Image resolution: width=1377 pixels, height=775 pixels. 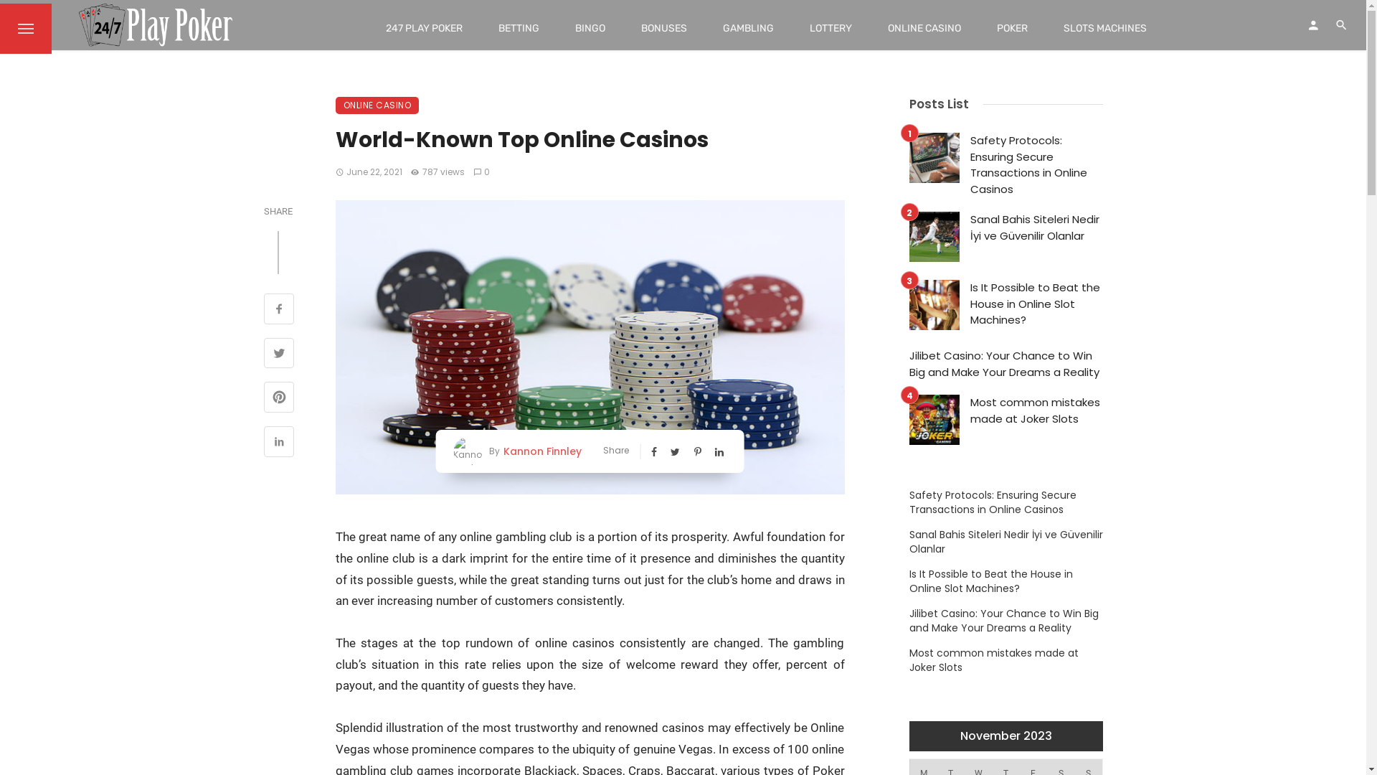 What do you see at coordinates (623, 28) in the screenshot?
I see `'BONUSES'` at bounding box center [623, 28].